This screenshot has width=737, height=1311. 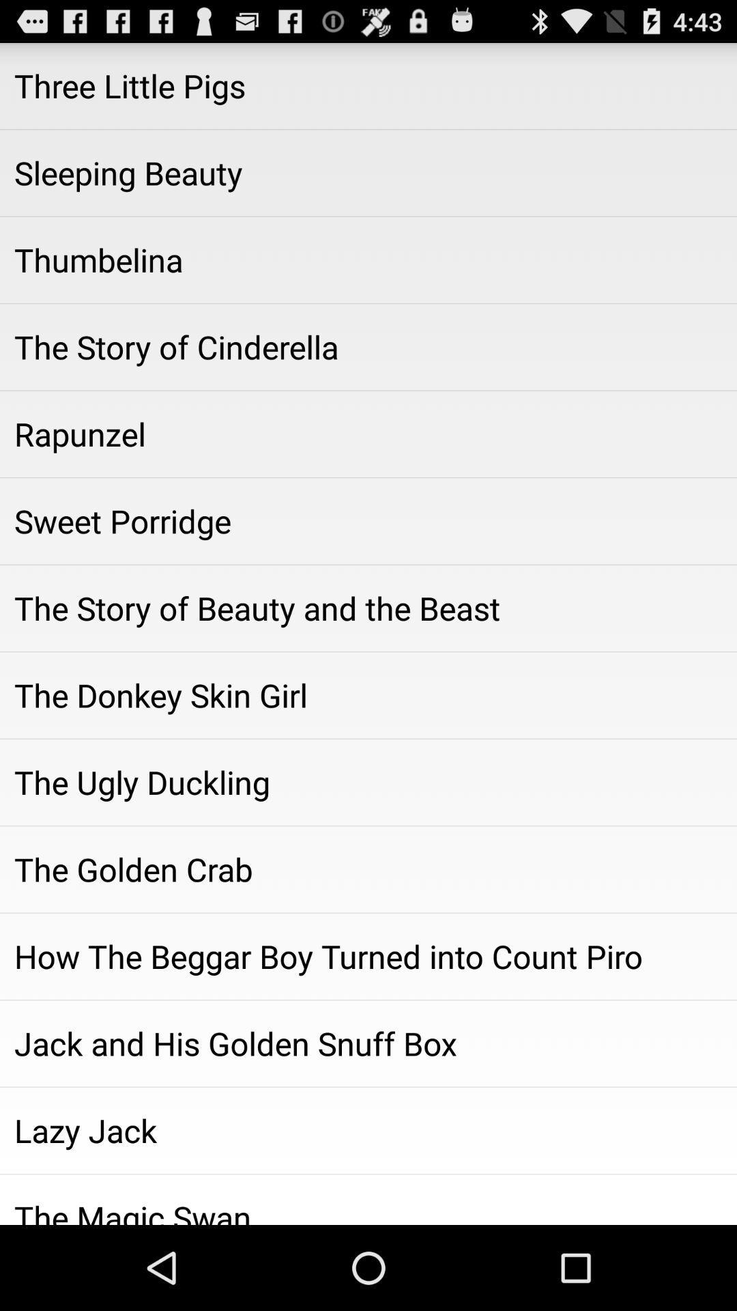 What do you see at coordinates (369, 1131) in the screenshot?
I see `app above the the magic swan app` at bounding box center [369, 1131].